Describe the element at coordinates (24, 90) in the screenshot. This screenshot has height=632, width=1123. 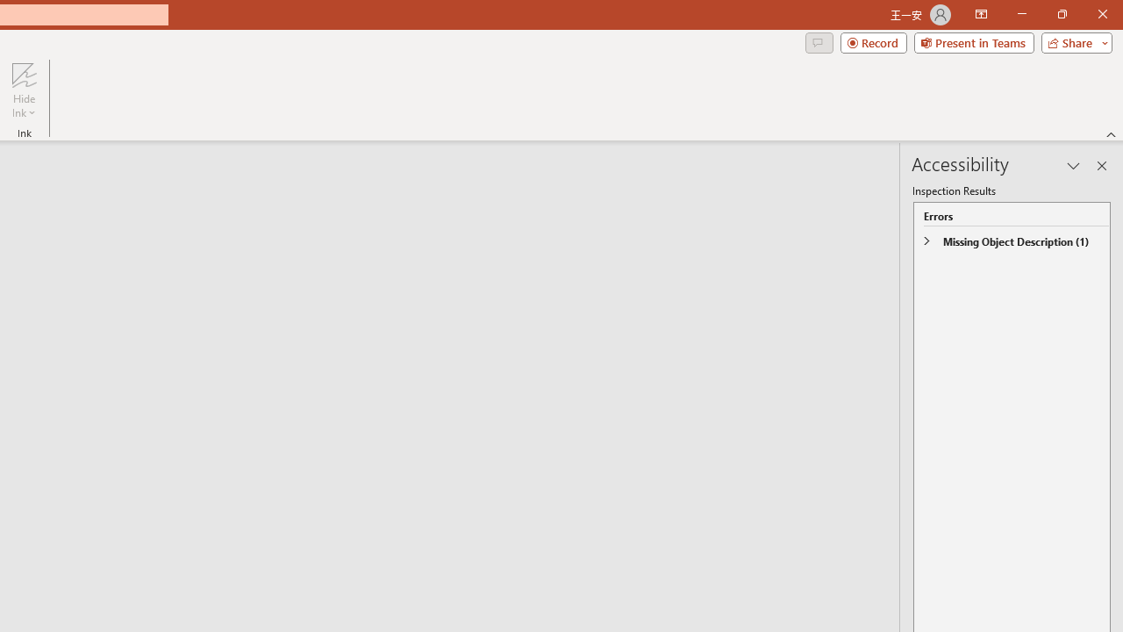
I see `'Hide Ink'` at that location.